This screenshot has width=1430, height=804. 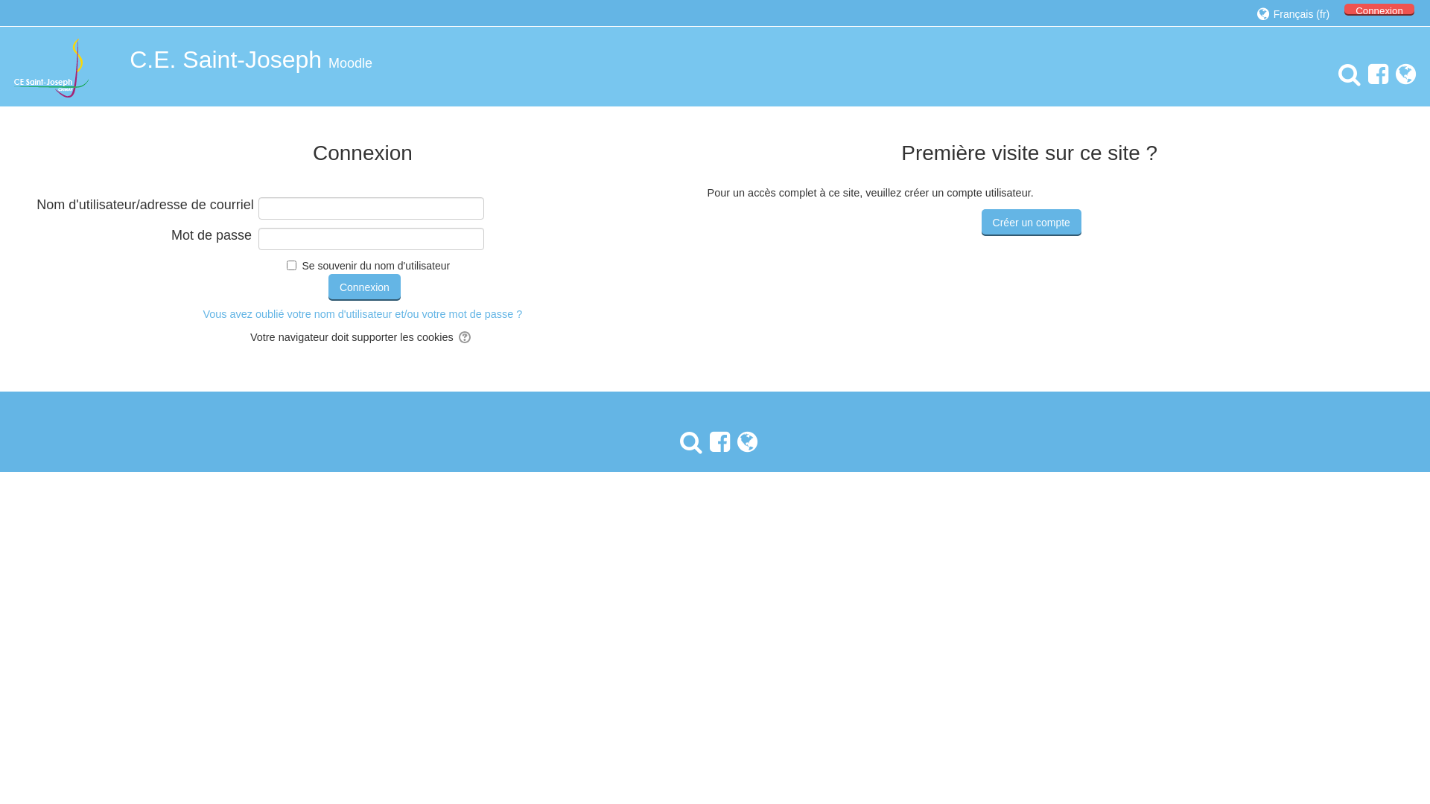 What do you see at coordinates (1401, 74) in the screenshot?
I see `'Site Web'` at bounding box center [1401, 74].